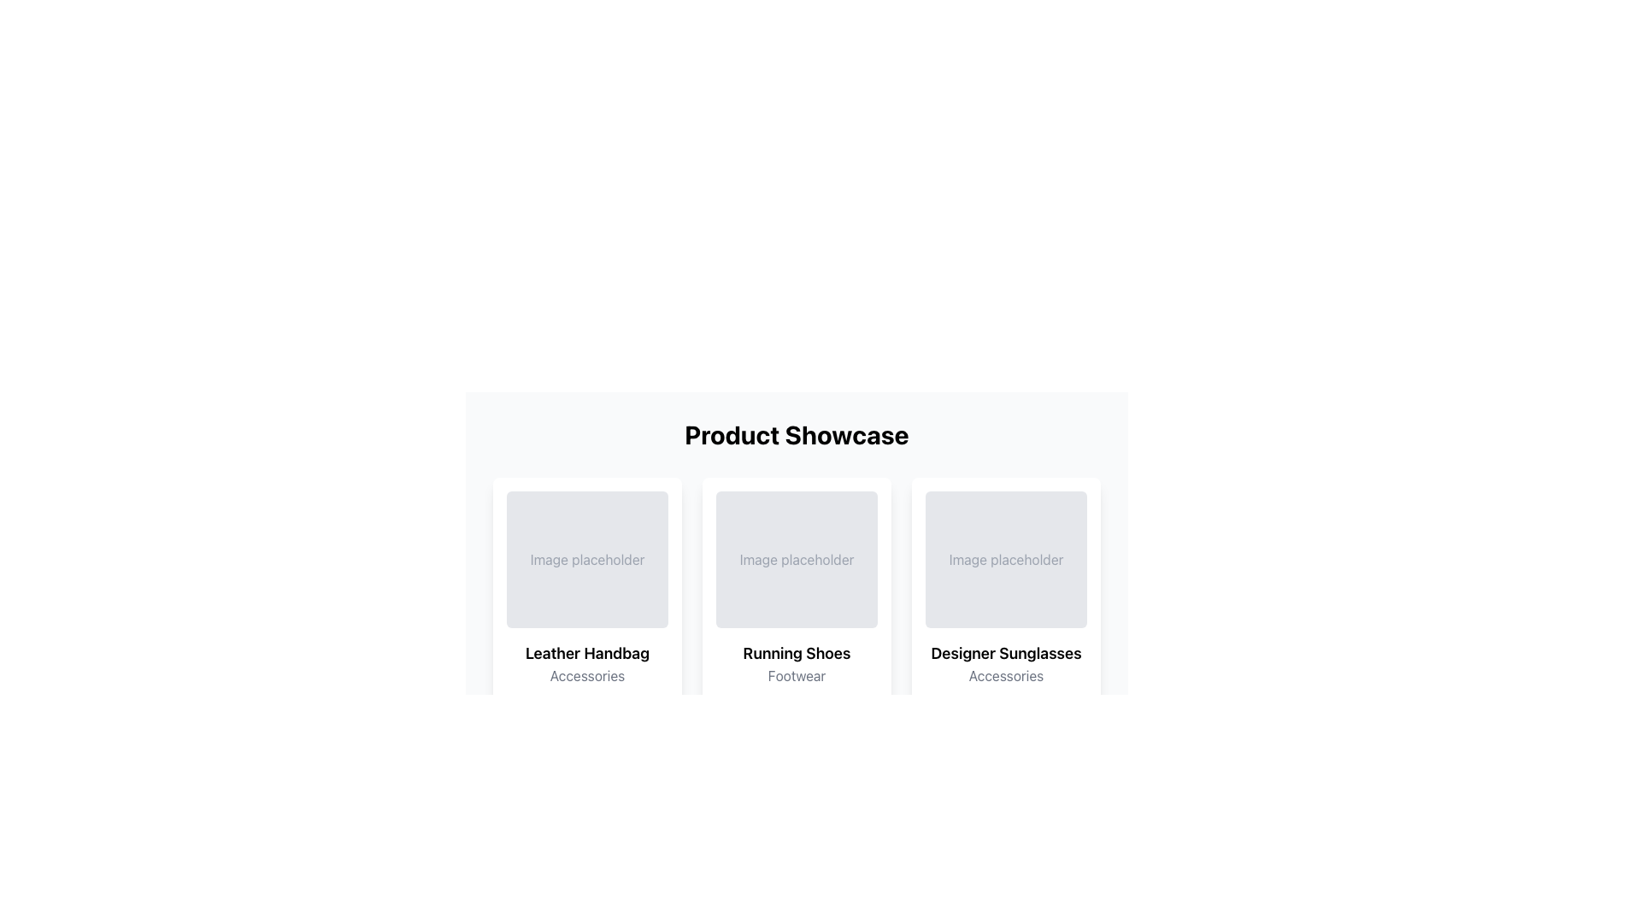 The width and height of the screenshot is (1641, 923). Describe the element at coordinates (587, 560) in the screenshot. I see `text of the placeholder label indicating where an image will be displayed in the leftmost card below 'Product Showcase' and above 'Leather Handbag'` at that location.